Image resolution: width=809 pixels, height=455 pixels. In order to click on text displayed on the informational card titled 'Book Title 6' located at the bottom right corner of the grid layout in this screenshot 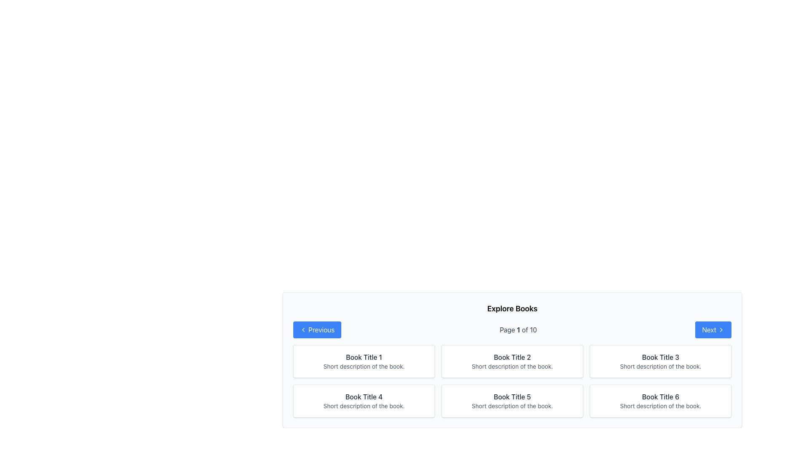, I will do `click(660, 401)`.